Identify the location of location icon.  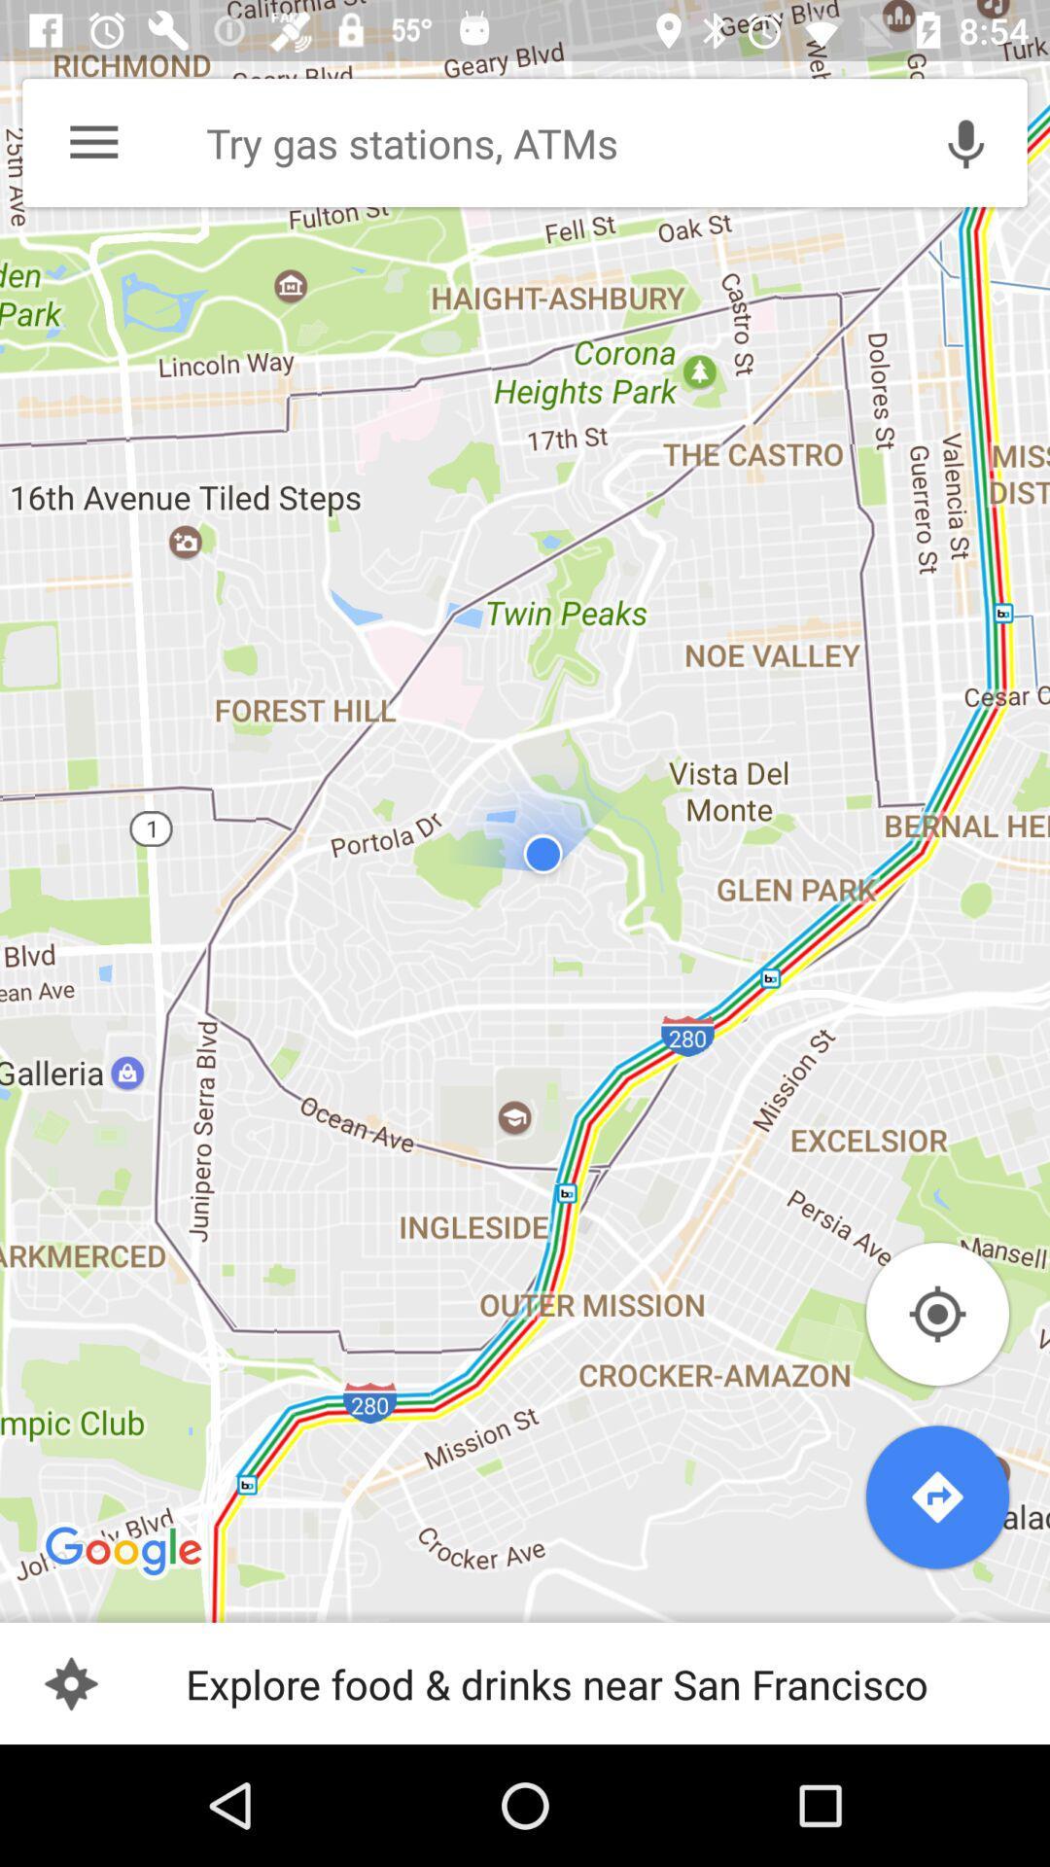
(936, 1315).